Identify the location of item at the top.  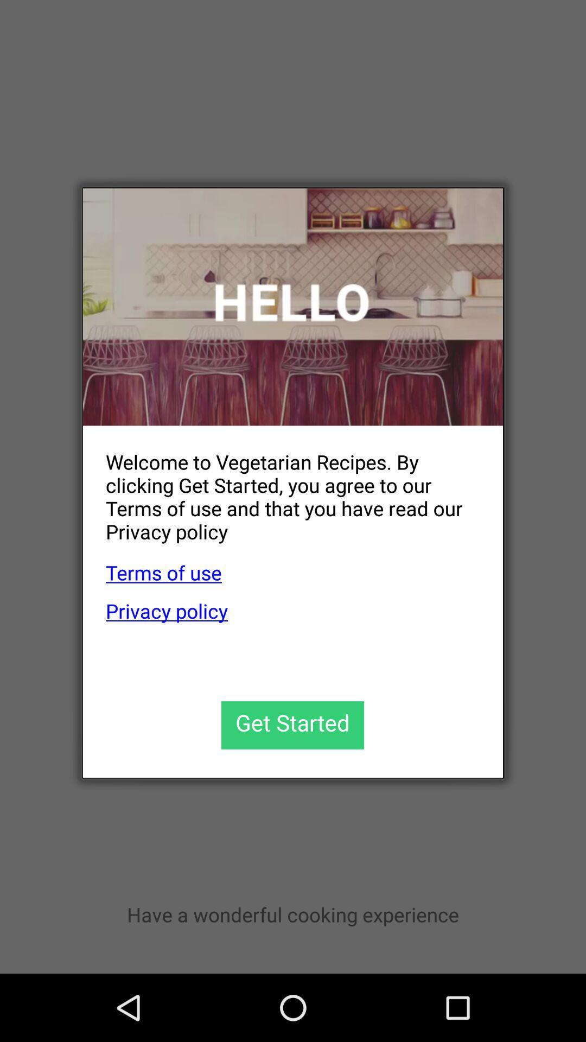
(293, 306).